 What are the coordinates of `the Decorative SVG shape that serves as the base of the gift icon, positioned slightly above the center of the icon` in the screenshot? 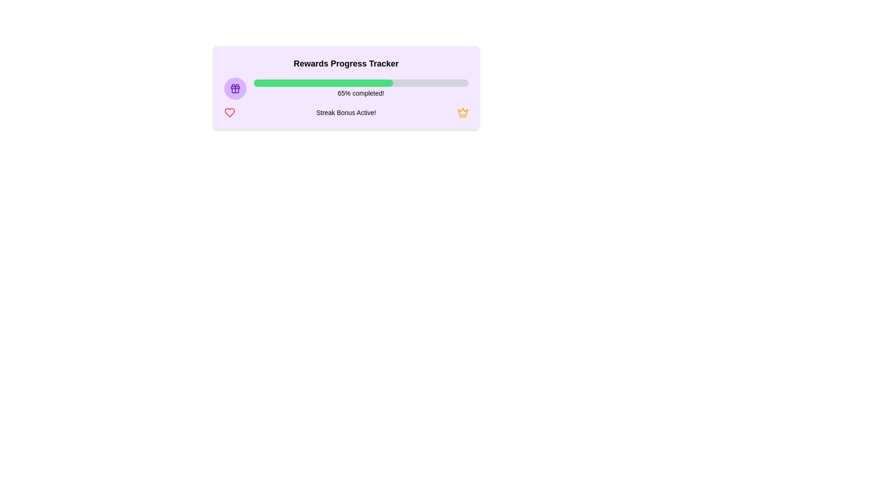 It's located at (235, 87).